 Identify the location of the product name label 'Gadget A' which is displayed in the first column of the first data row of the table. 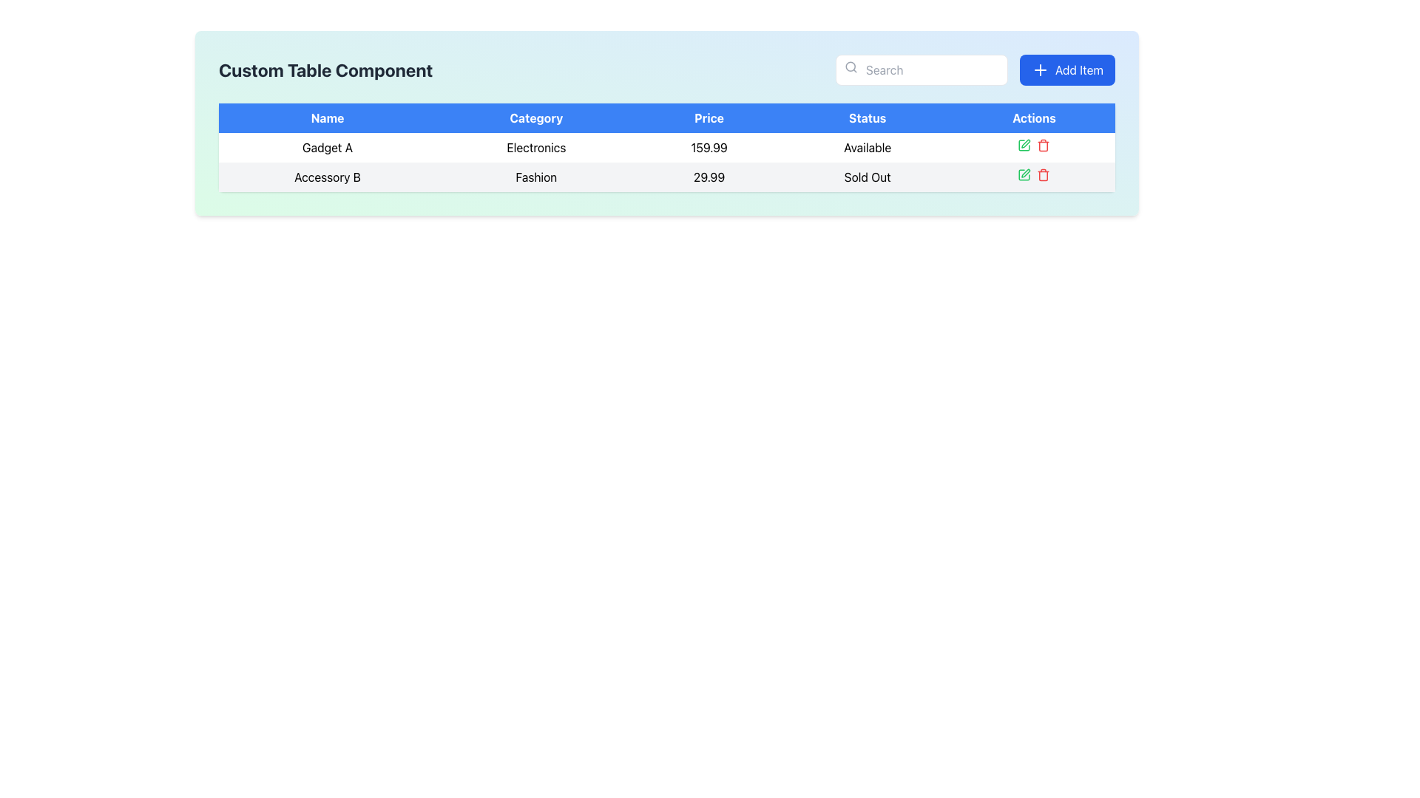
(327, 148).